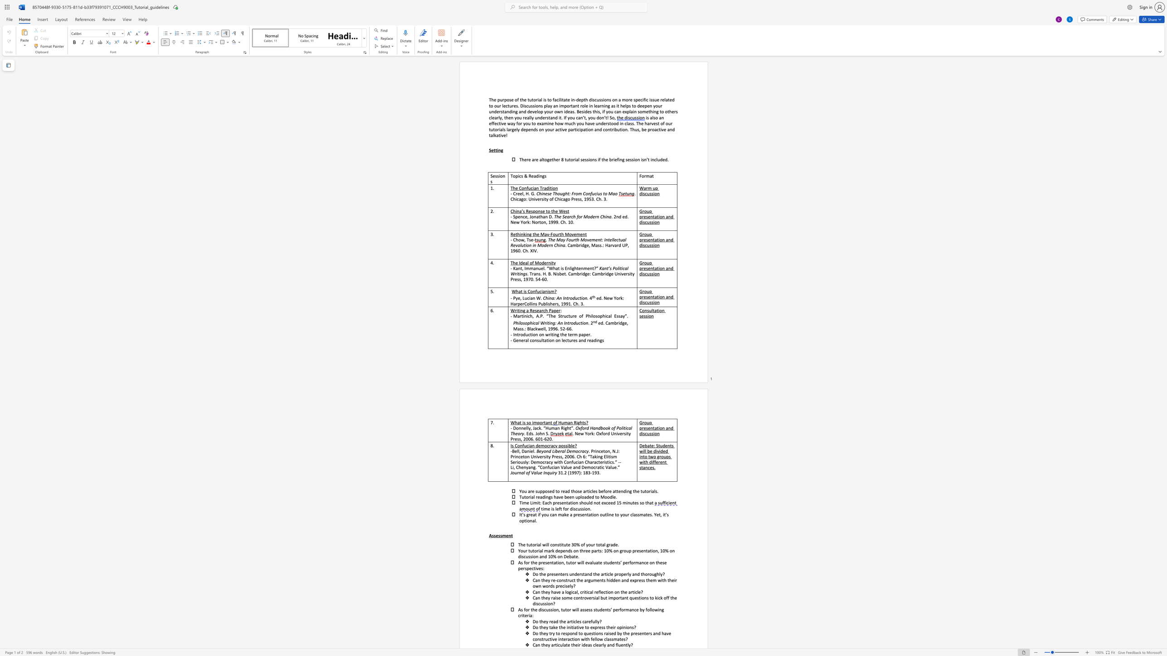 The height and width of the screenshot is (656, 1167). I want to click on the subset text "l." within the text "optional.", so click(534, 520).